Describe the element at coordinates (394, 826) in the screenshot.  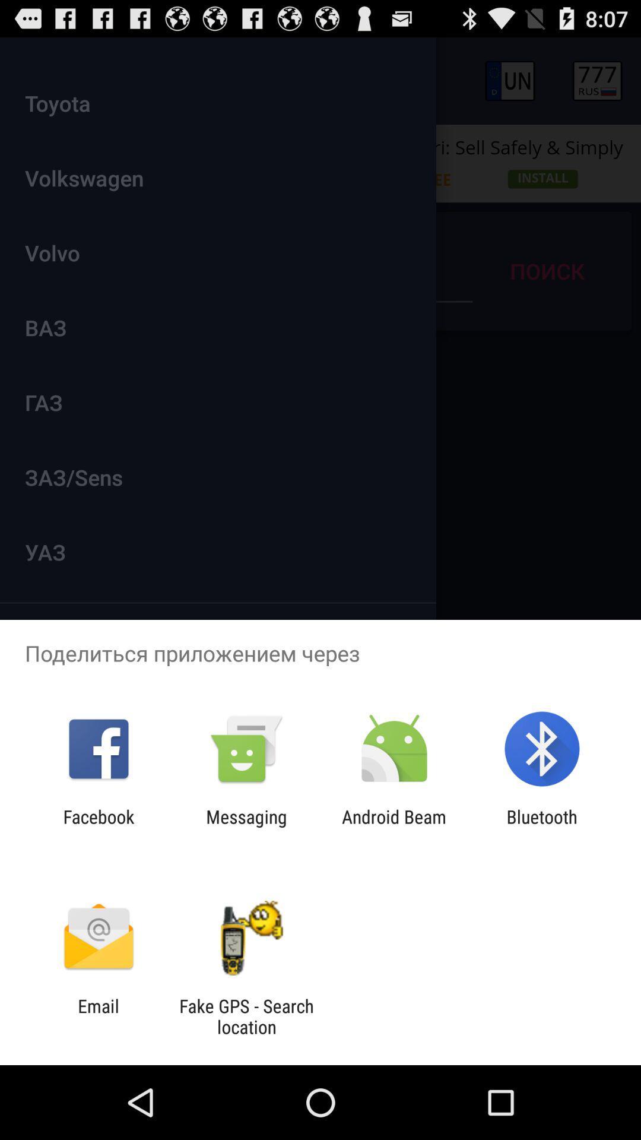
I see `android beam item` at that location.